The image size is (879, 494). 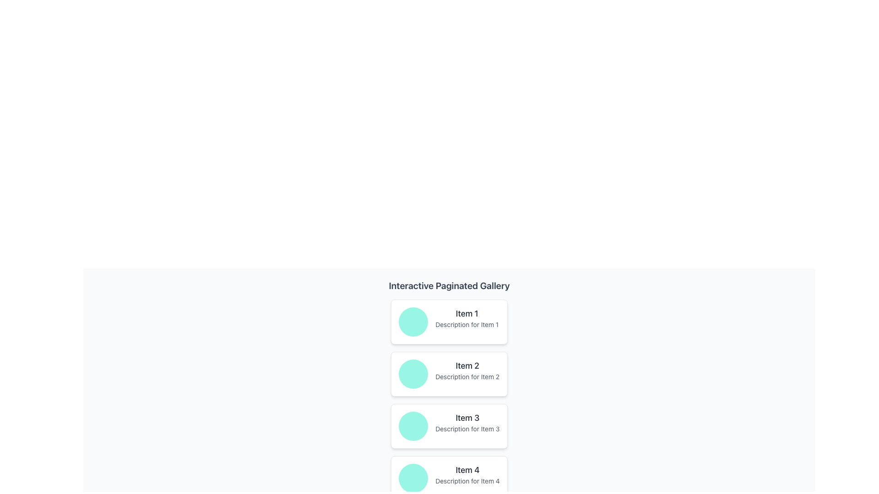 I want to click on text content labeled 'Item 4' with its description 'Description for Item 4' located within the fourth card in the interactive gallery, so click(x=467, y=474).